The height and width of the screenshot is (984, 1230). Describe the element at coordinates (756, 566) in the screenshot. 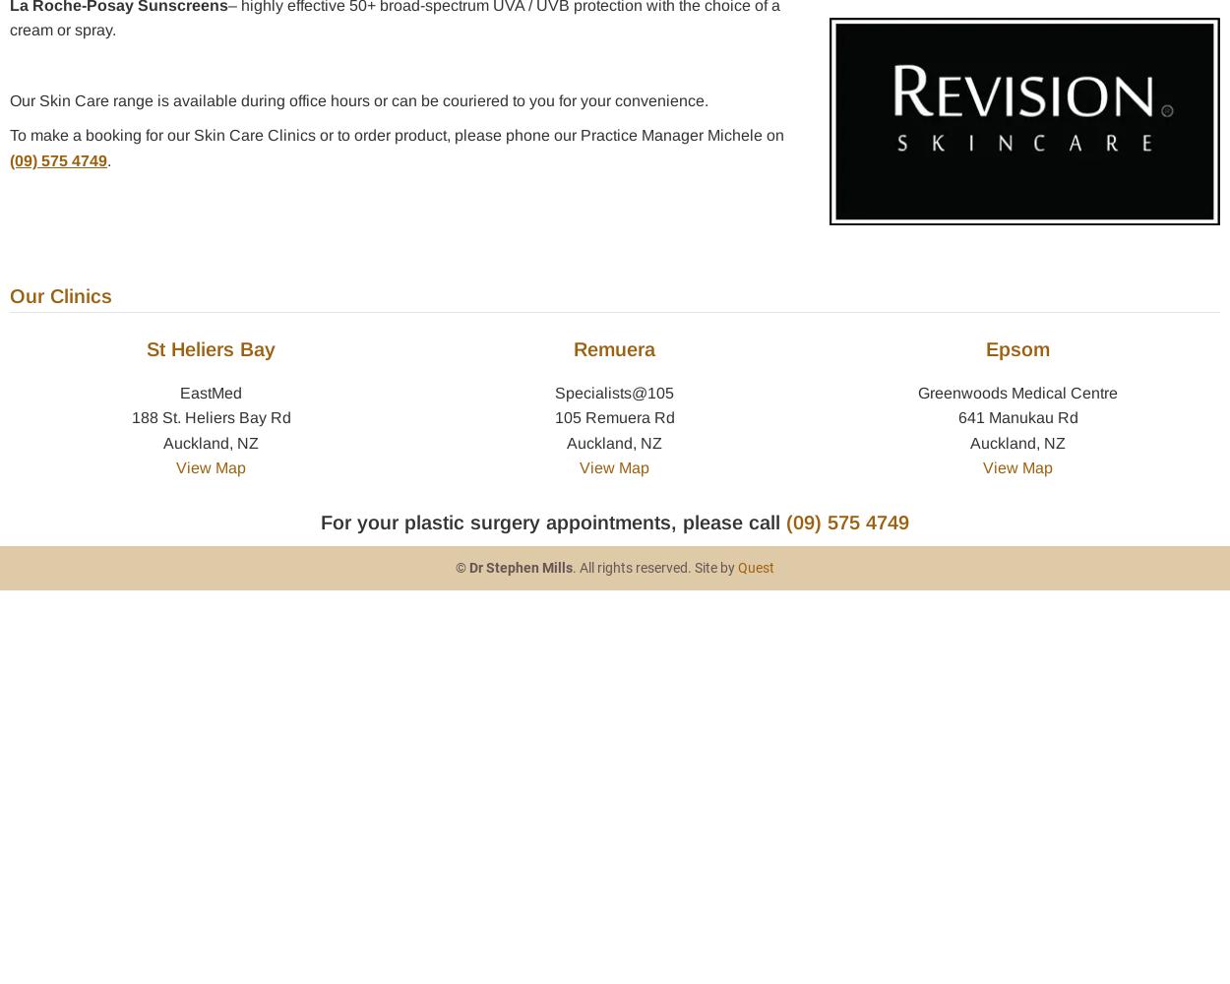

I see `'Quest'` at that location.